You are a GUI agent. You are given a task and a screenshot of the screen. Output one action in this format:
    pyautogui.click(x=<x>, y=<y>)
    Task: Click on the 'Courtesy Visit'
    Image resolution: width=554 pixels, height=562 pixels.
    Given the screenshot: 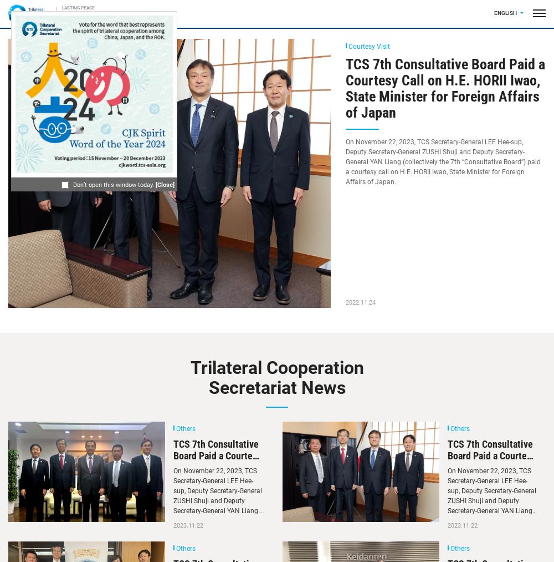 What is the action you would take?
    pyautogui.click(x=369, y=45)
    